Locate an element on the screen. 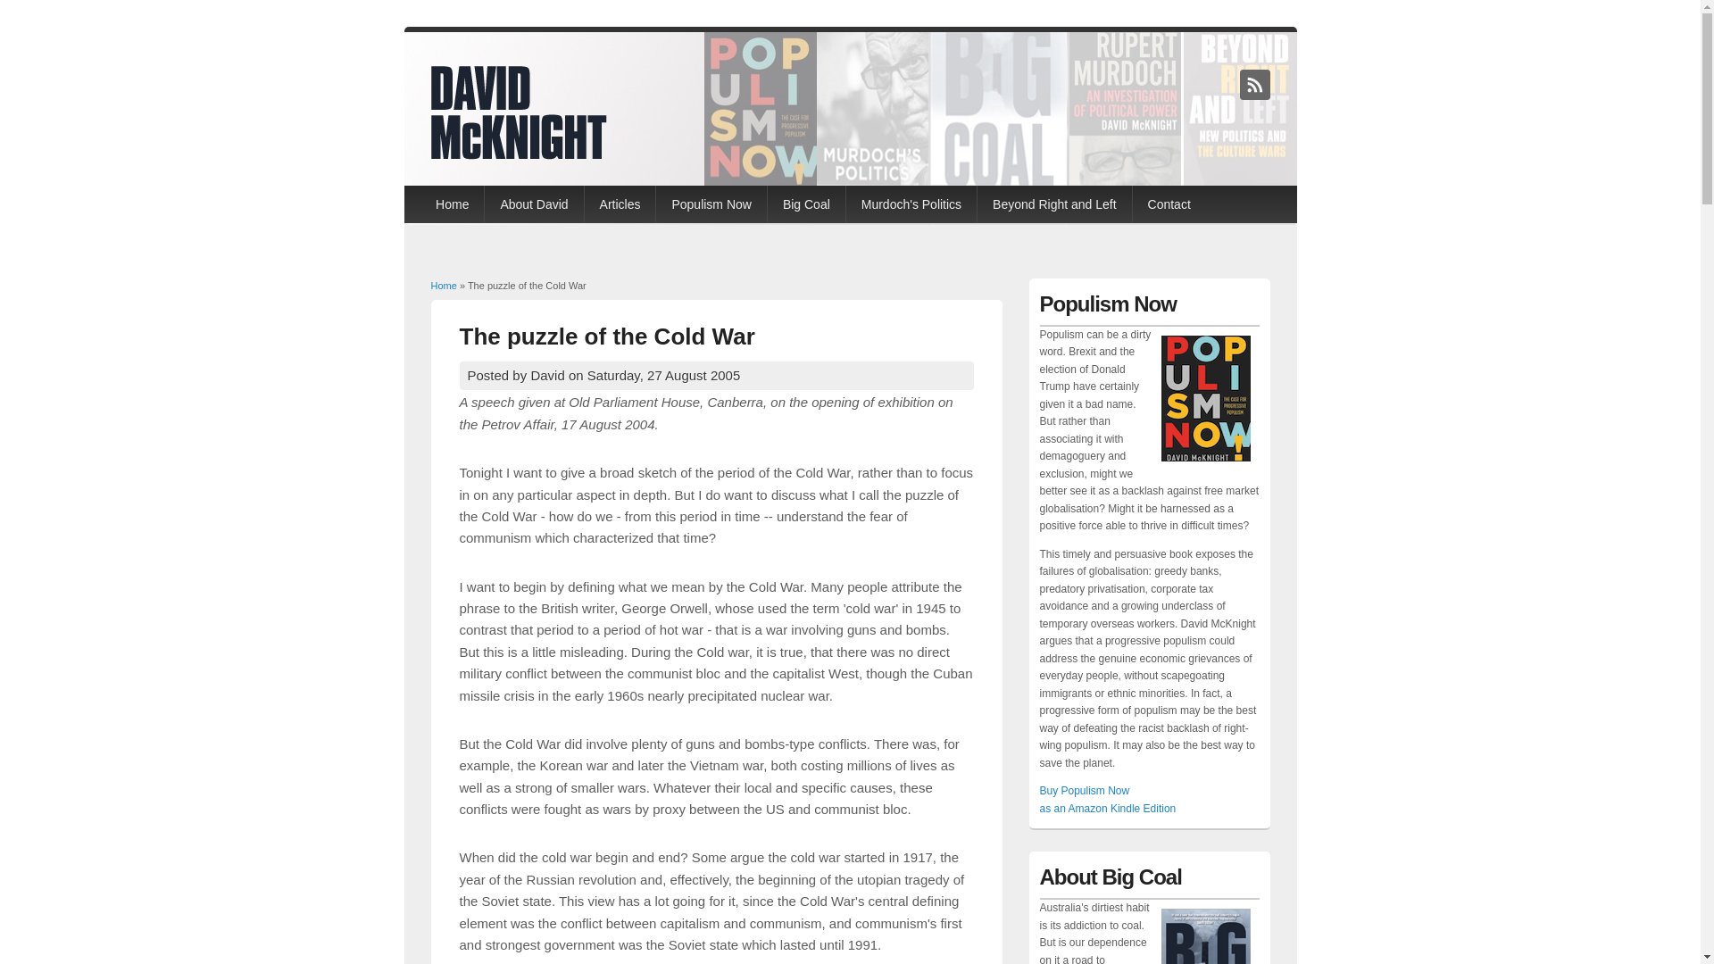 This screenshot has width=1714, height=964. 'Buy Populism Now is located at coordinates (1106, 798).